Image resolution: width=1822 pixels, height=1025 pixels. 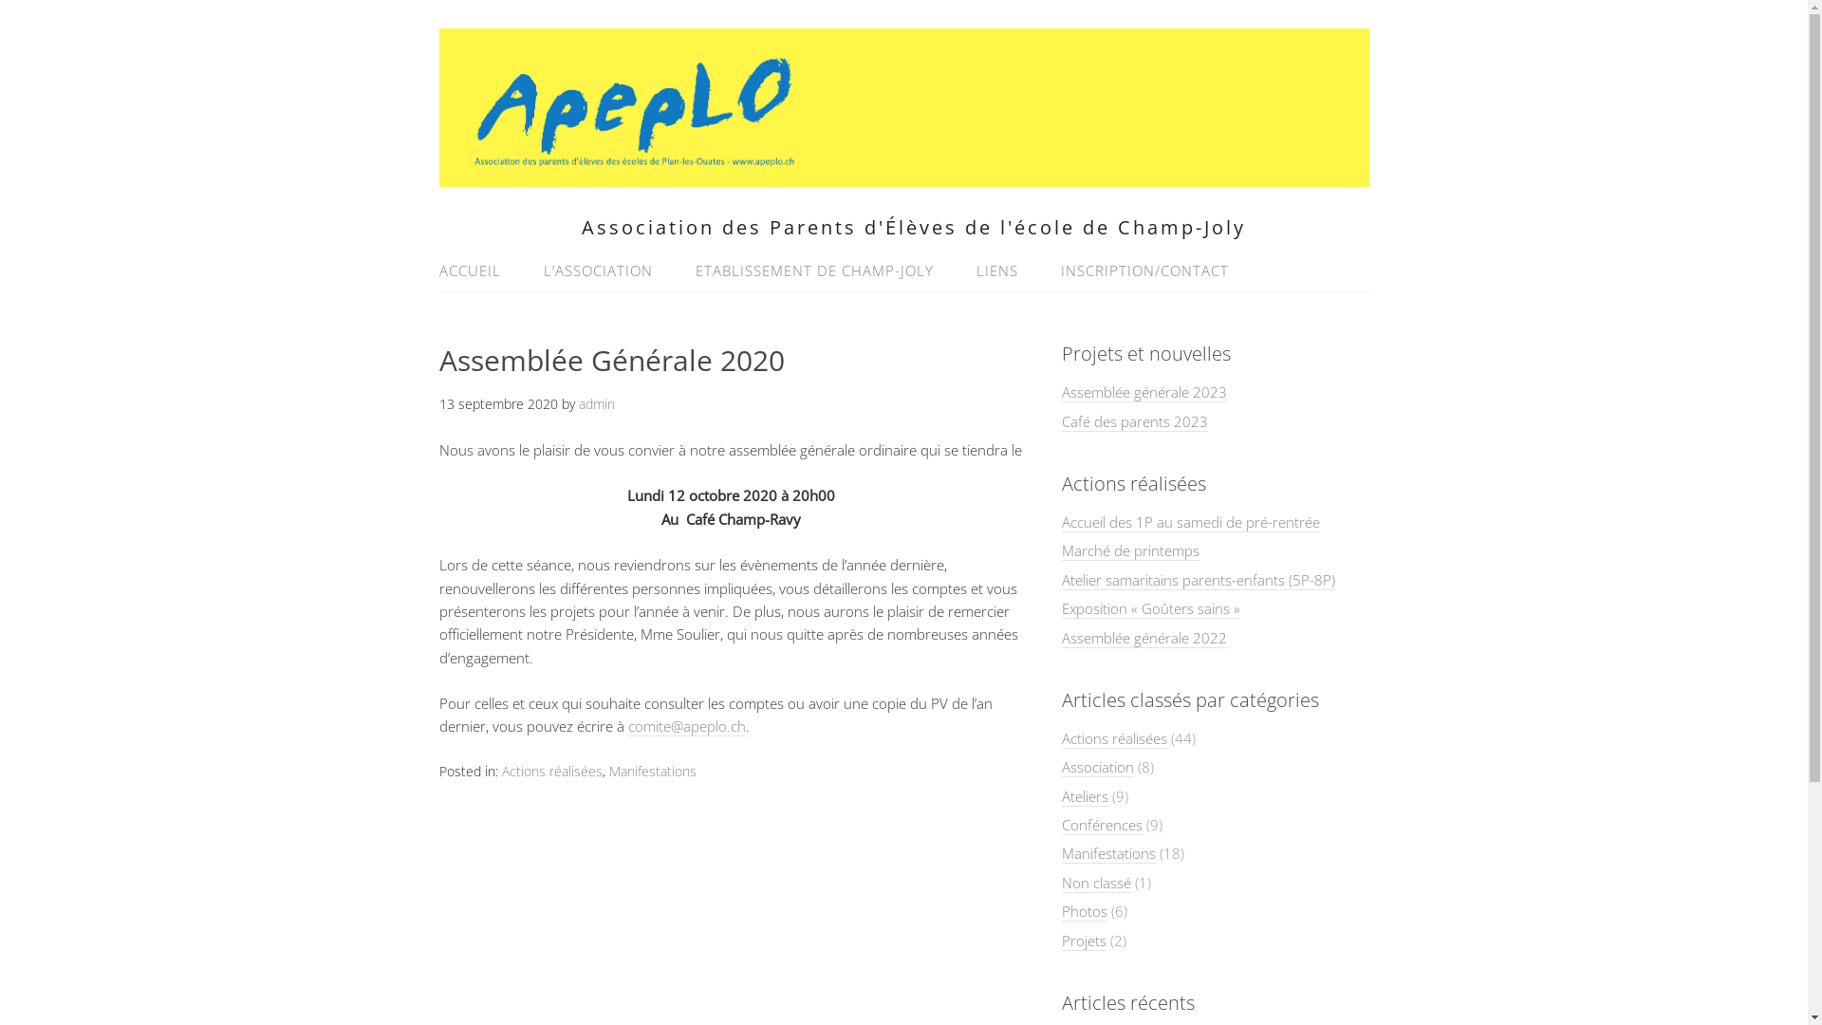 What do you see at coordinates (628, 726) in the screenshot?
I see `'comite@apeplo.ch'` at bounding box center [628, 726].